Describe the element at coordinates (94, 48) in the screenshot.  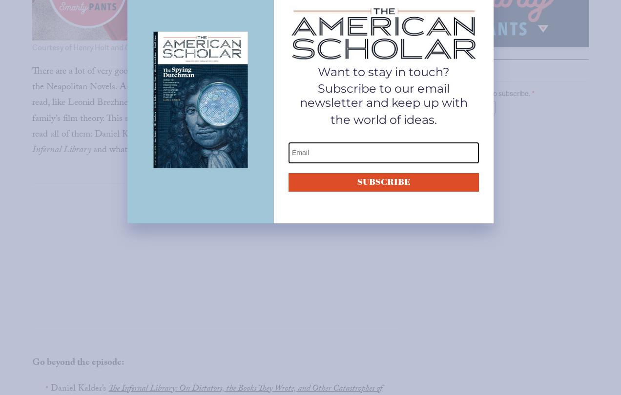
I see `'Courtesy of Henry Holt and Company'` at that location.